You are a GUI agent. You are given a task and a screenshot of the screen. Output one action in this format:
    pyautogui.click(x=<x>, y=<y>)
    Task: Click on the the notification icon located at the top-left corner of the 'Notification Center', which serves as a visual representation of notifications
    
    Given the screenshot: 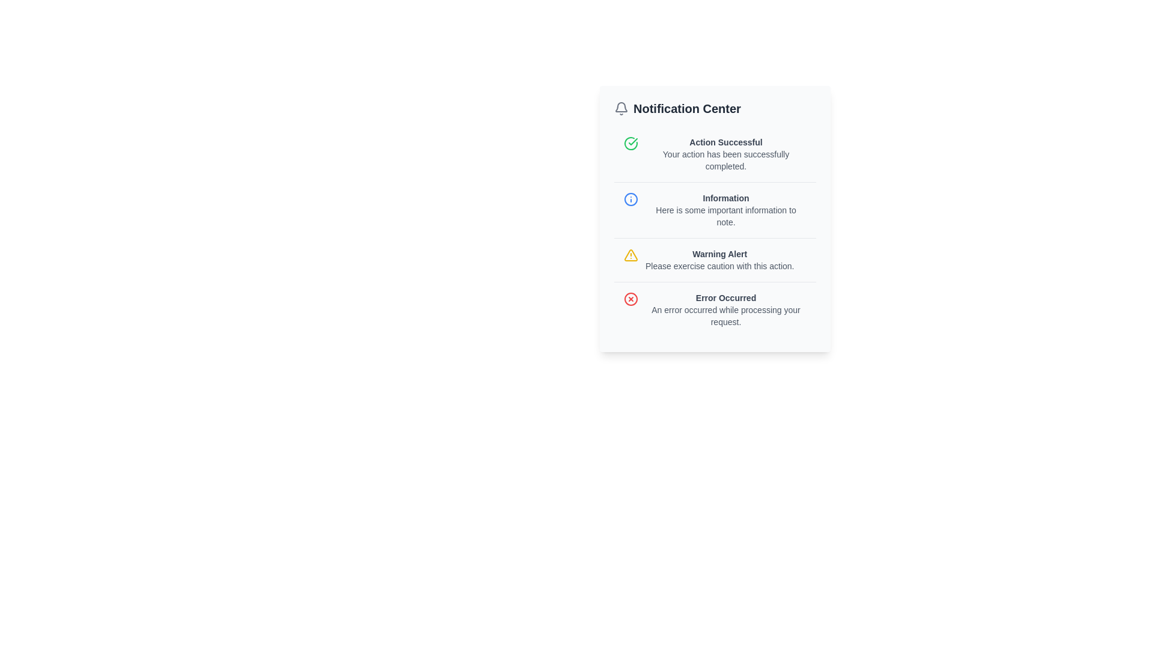 What is the action you would take?
    pyautogui.click(x=621, y=109)
    